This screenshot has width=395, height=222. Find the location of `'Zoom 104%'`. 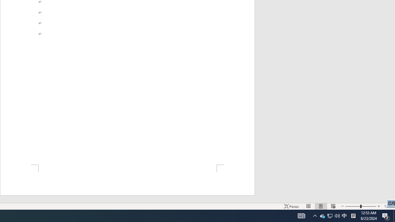

'Zoom 104%' is located at coordinates (388, 206).